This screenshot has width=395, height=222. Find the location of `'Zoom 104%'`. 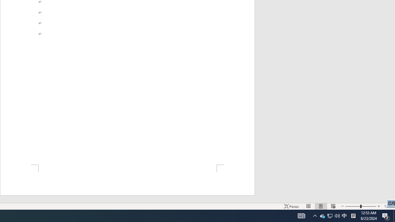

'Zoom 104%' is located at coordinates (388, 206).